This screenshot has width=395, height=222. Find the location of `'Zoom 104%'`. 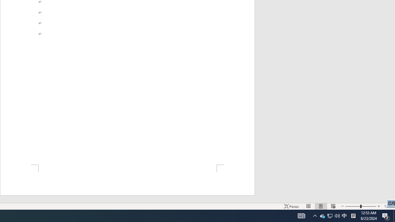

'Zoom 104%' is located at coordinates (388, 206).